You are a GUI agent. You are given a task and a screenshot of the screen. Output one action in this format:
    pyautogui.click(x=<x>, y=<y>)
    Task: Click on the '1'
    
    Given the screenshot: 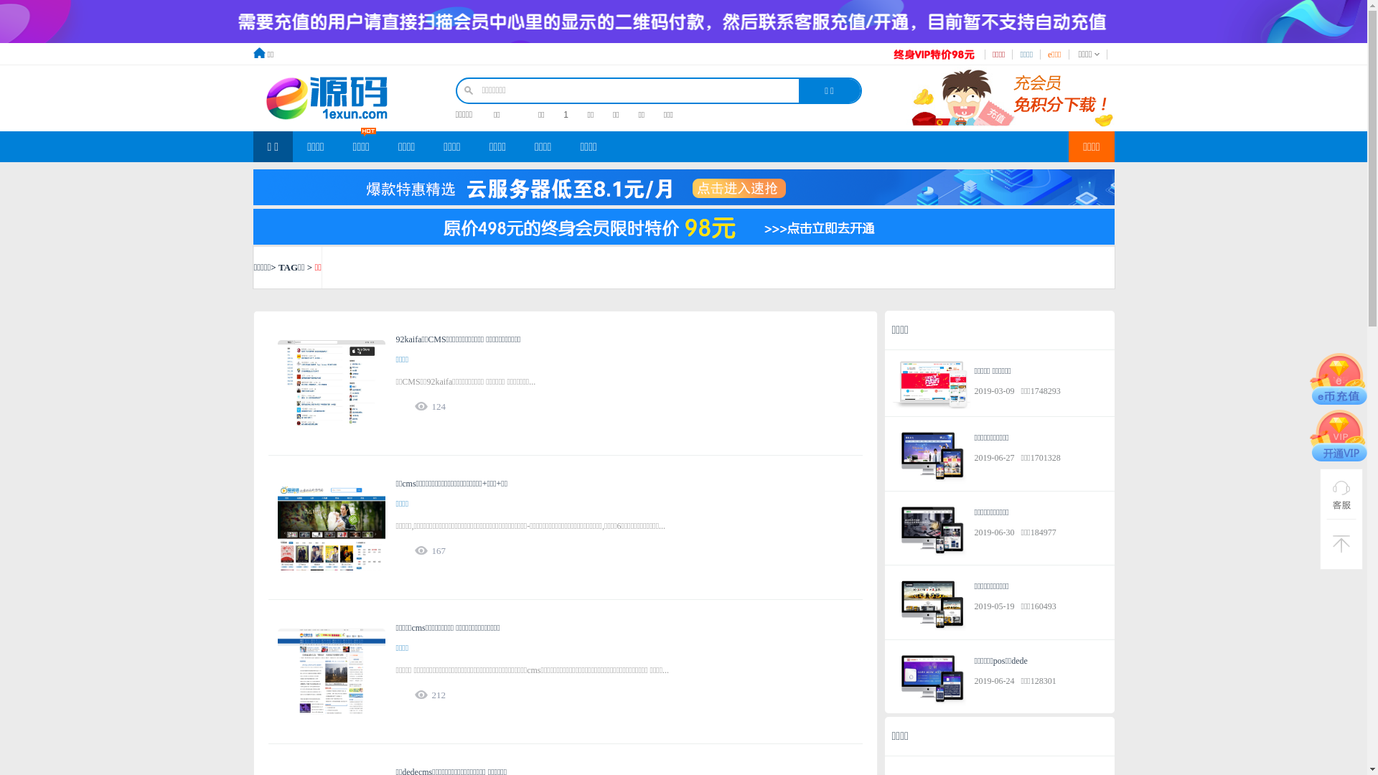 What is the action you would take?
    pyautogui.click(x=565, y=113)
    